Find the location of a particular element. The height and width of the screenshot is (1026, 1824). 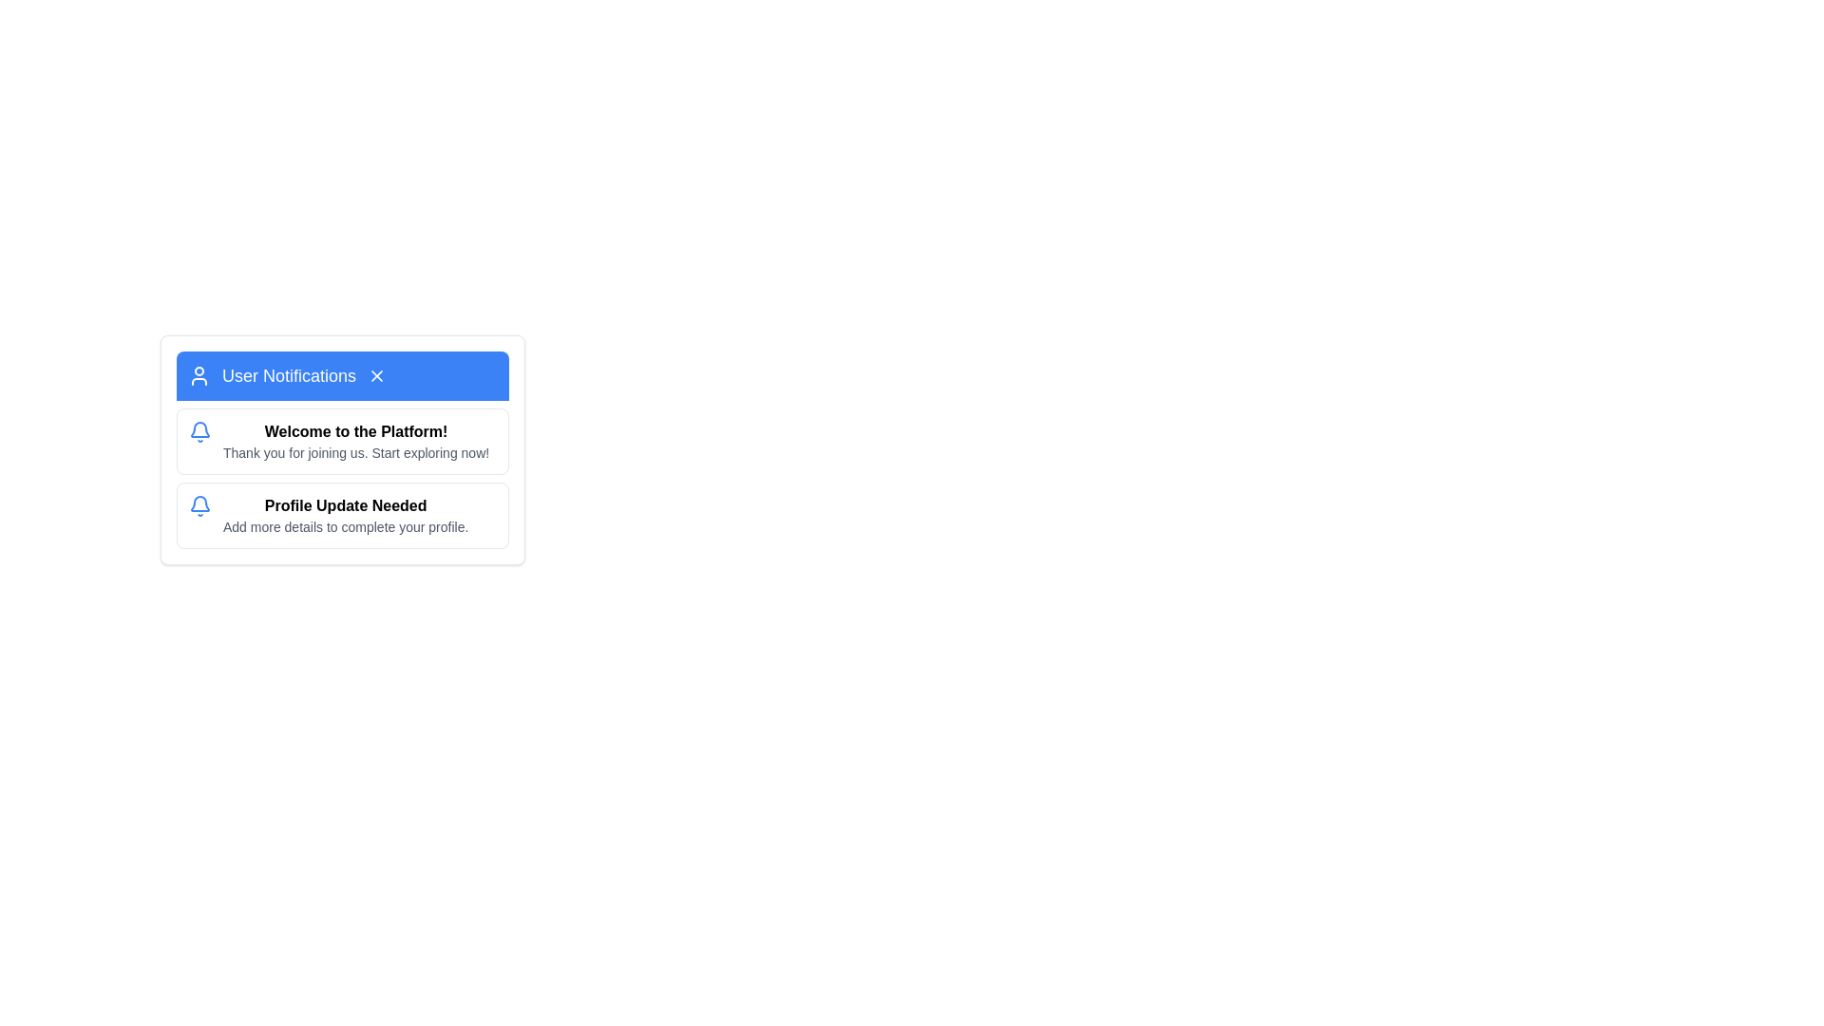

the user account icon located in the blue-tinted 'User Notifications' bar, aligned to the far left next to the text label is located at coordinates (199, 376).